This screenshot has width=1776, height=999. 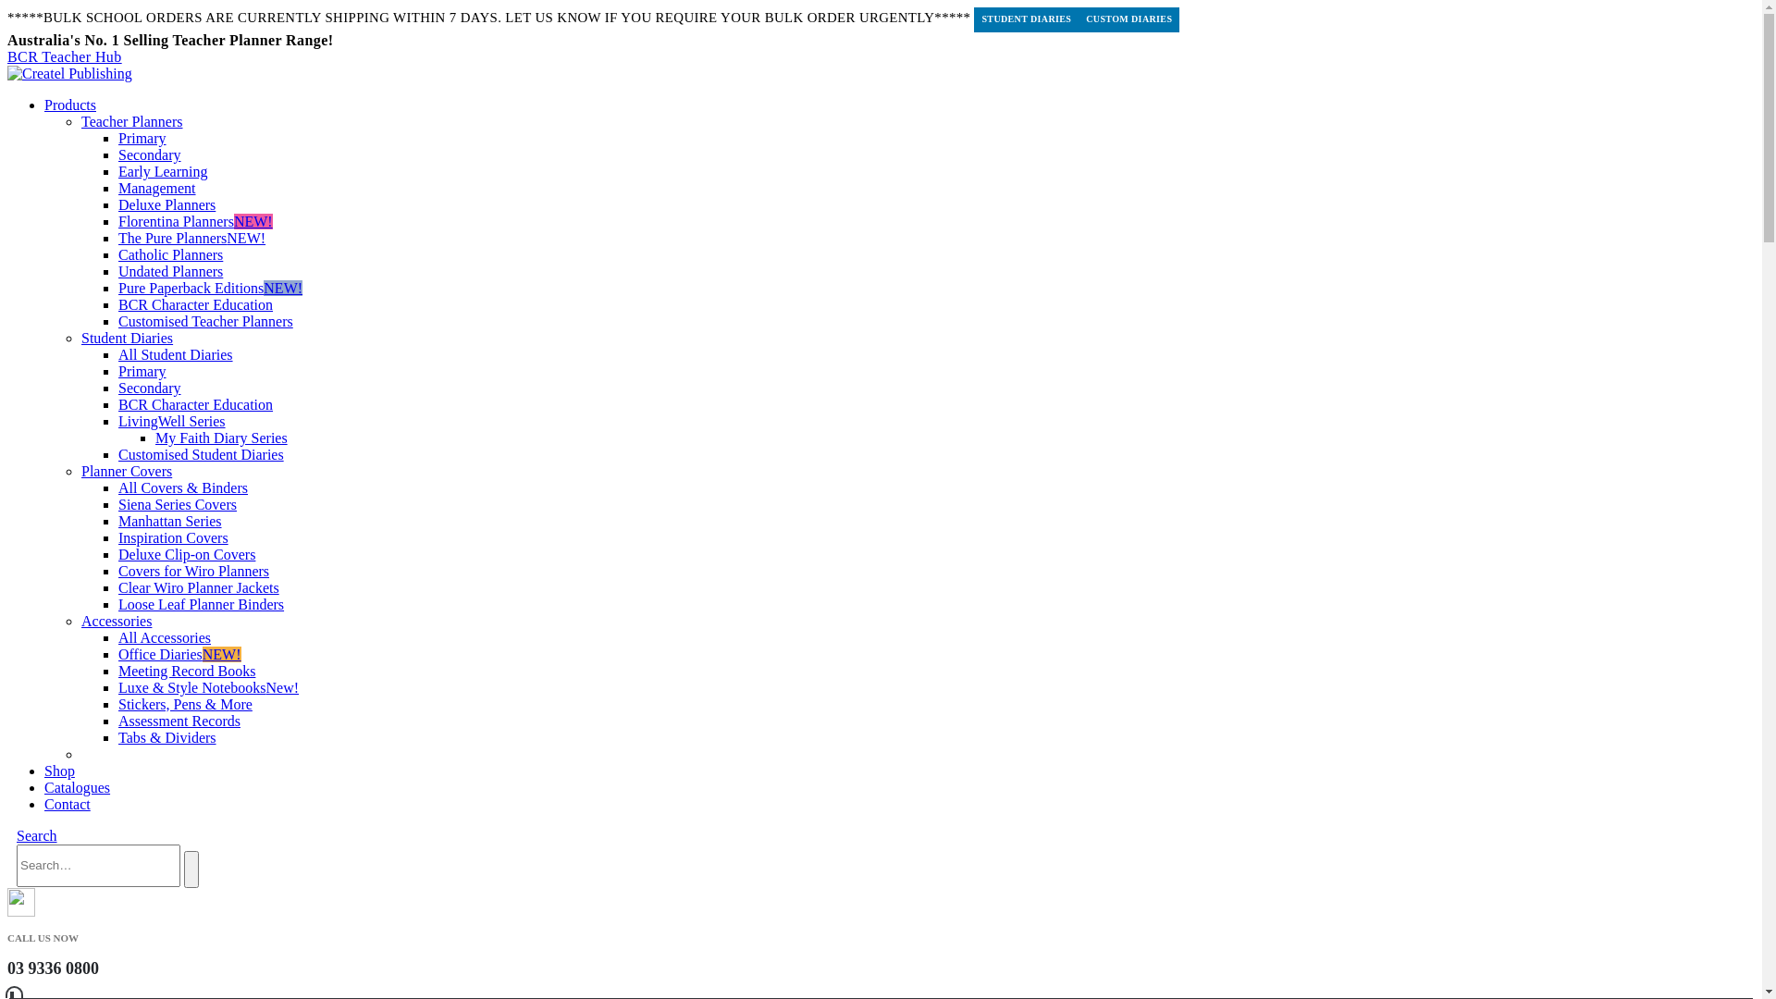 I want to click on 'Loose Leaf Planner Binders', so click(x=201, y=604).